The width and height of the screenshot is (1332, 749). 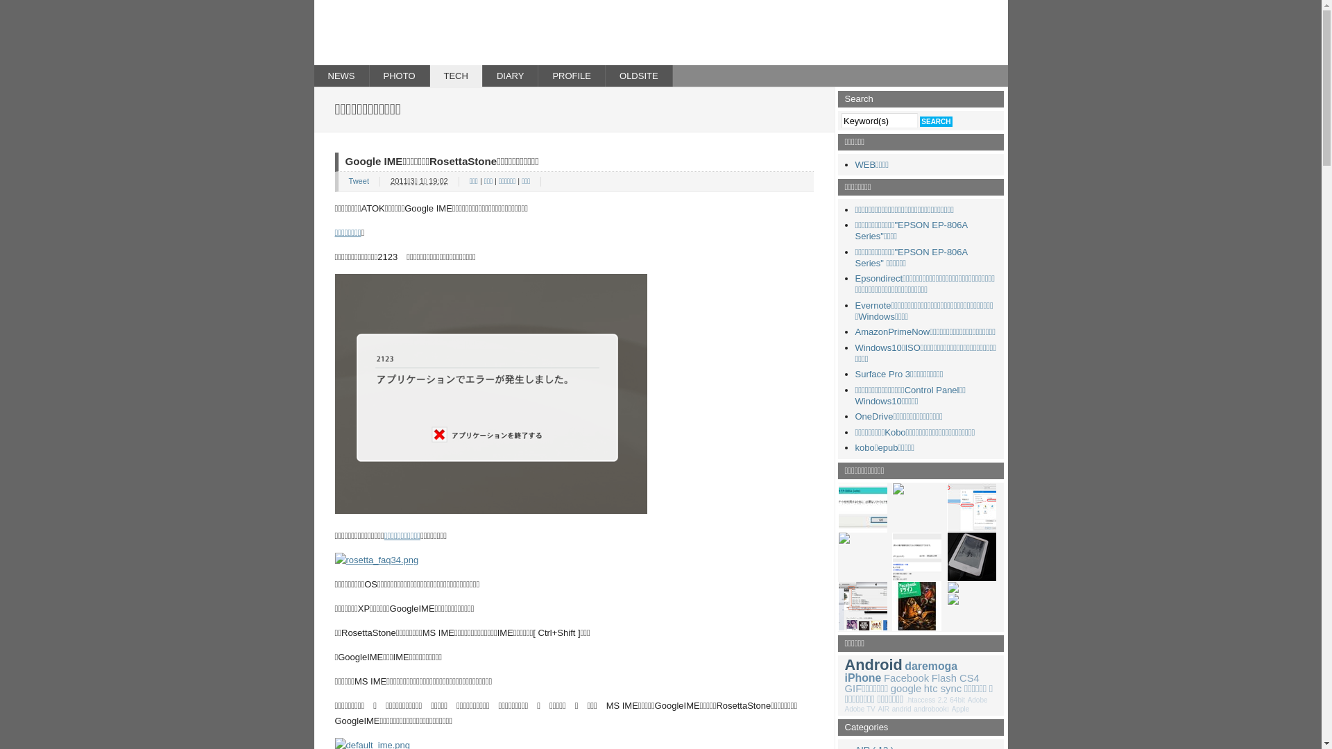 What do you see at coordinates (935, 121) in the screenshot?
I see `'Search'` at bounding box center [935, 121].